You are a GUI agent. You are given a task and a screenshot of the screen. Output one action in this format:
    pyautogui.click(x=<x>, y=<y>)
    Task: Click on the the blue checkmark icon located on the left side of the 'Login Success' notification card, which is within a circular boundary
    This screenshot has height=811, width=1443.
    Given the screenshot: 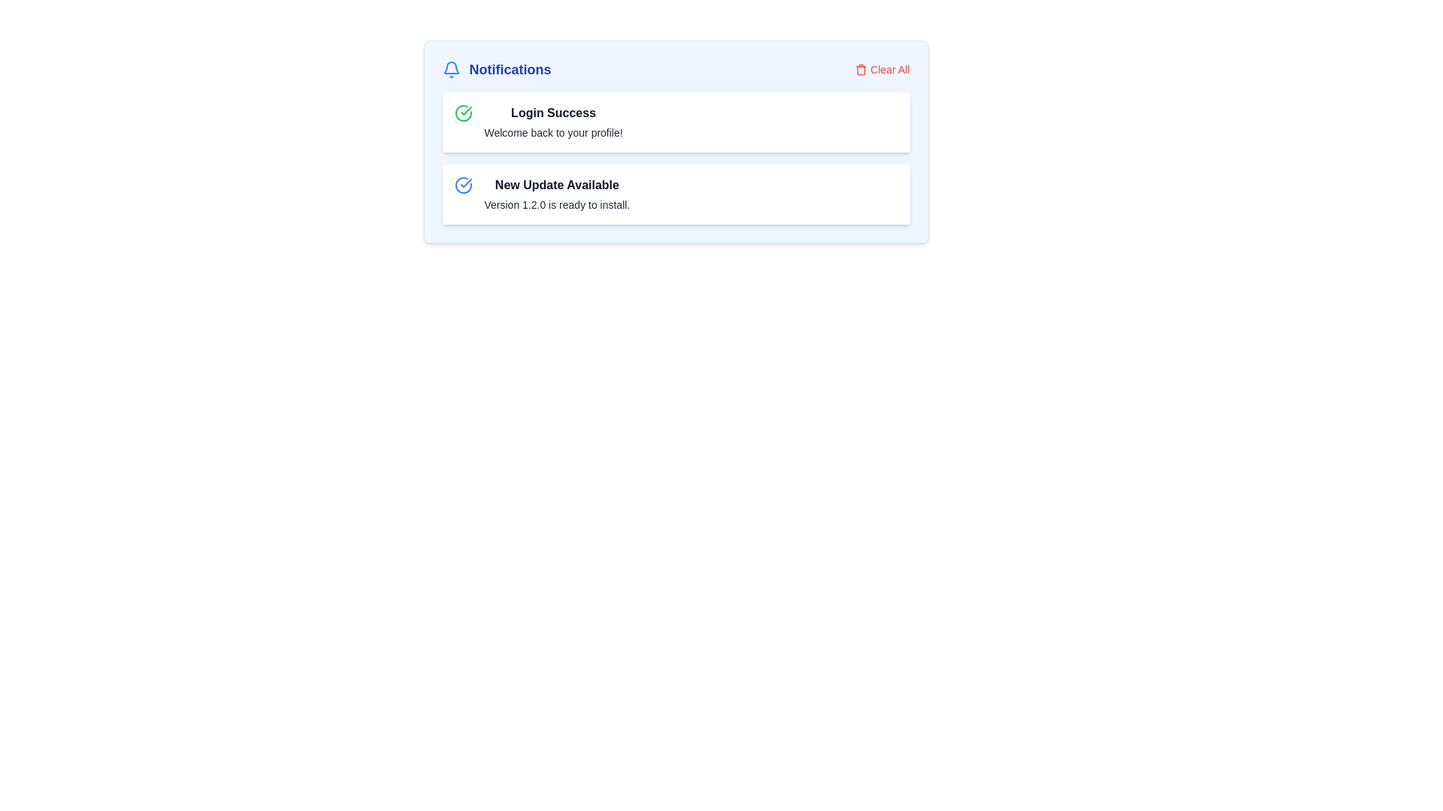 What is the action you would take?
    pyautogui.click(x=464, y=182)
    